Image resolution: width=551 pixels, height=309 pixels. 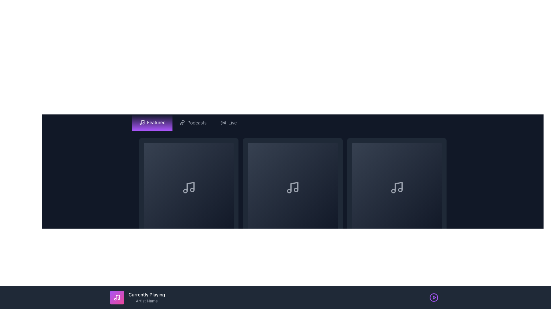 I want to click on the top-right circle of the music-related SVG graphic, which is part of a larger illustration and serves a decorative purpose, so click(x=400, y=190).